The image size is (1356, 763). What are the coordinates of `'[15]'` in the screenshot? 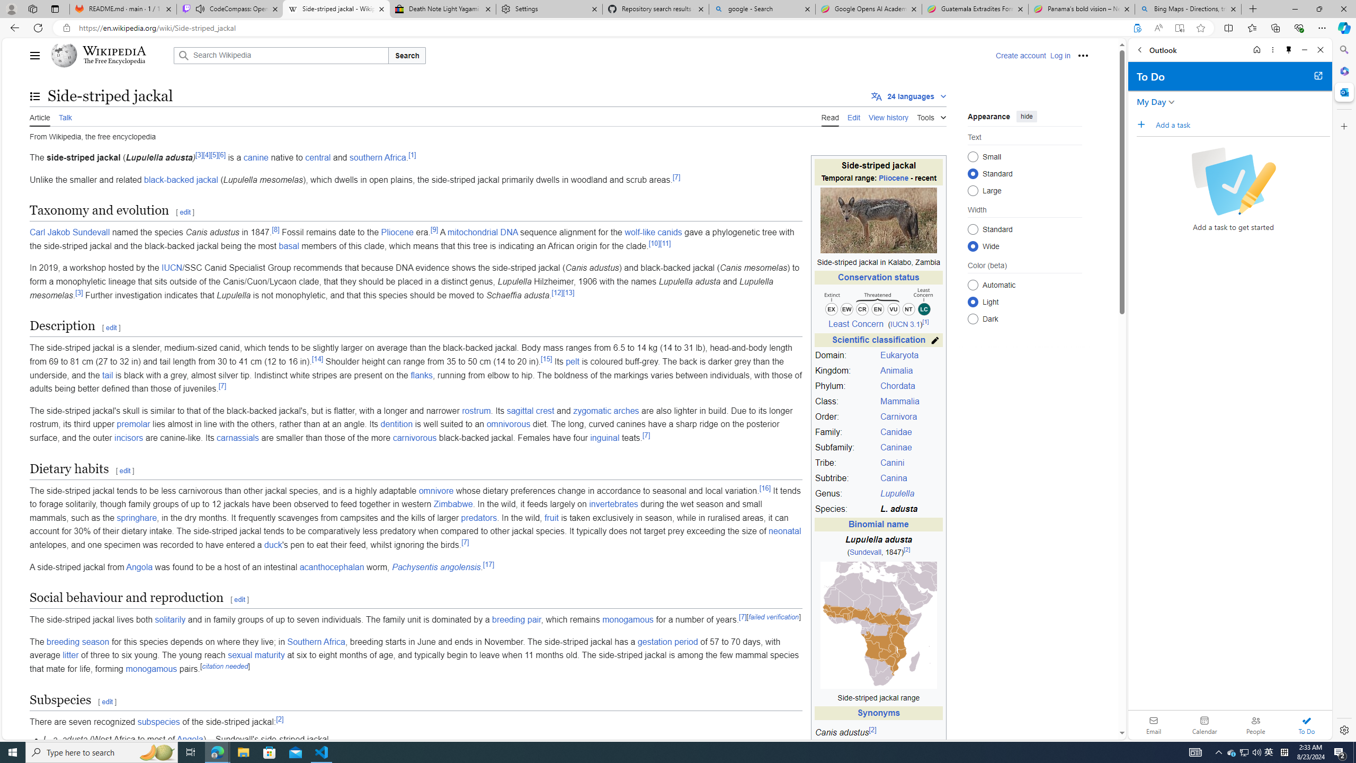 It's located at (546, 359).